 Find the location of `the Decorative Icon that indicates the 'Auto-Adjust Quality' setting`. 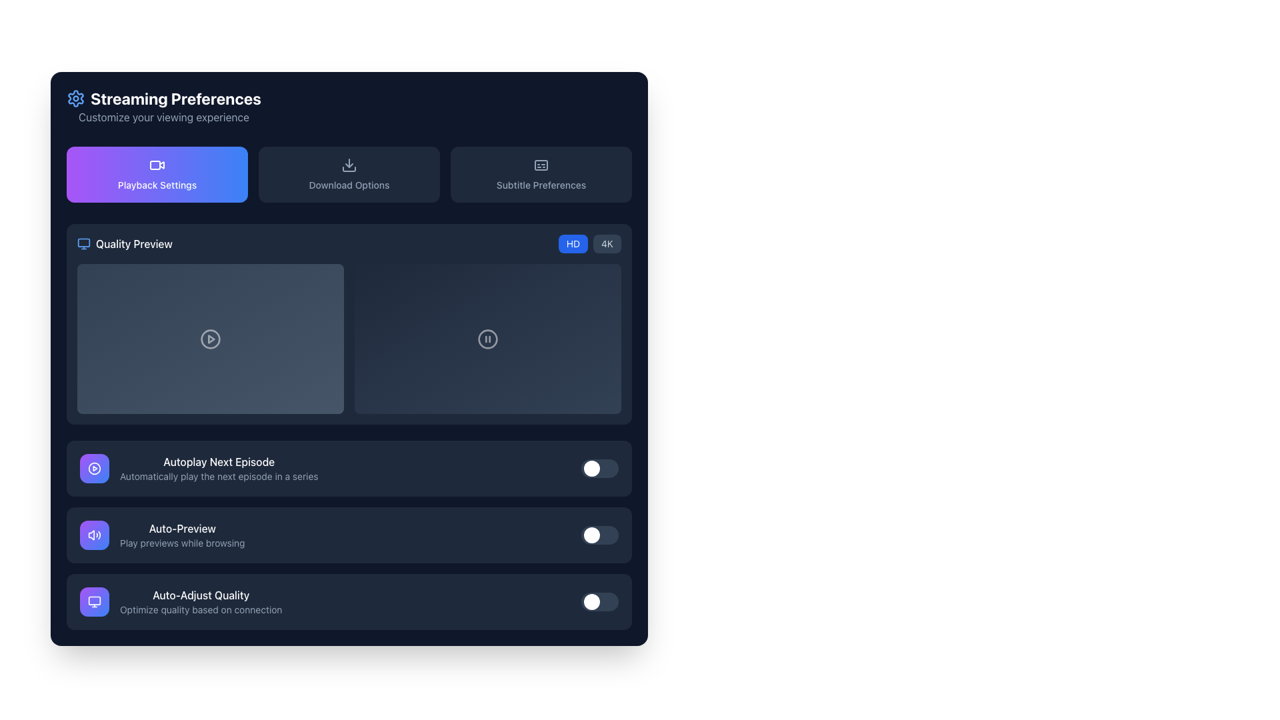

the Decorative Icon that indicates the 'Auto-Adjust Quality' setting is located at coordinates (94, 601).